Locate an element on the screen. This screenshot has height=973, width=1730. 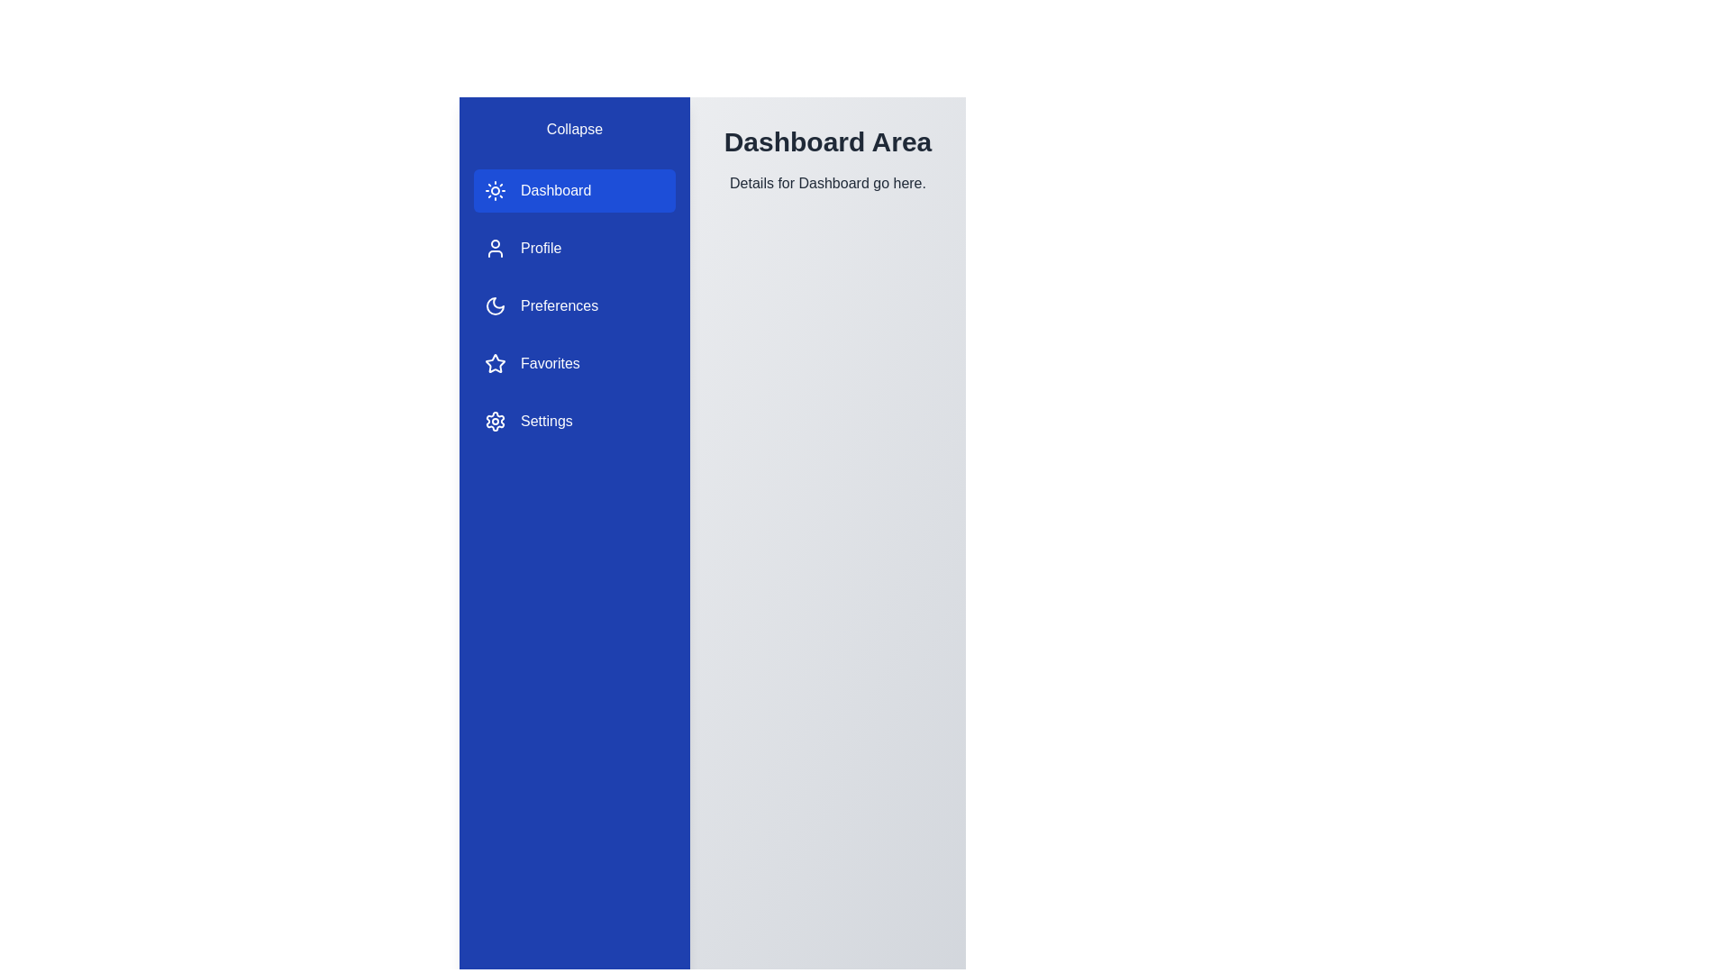
the sidebar item Dashboard is located at coordinates (574, 191).